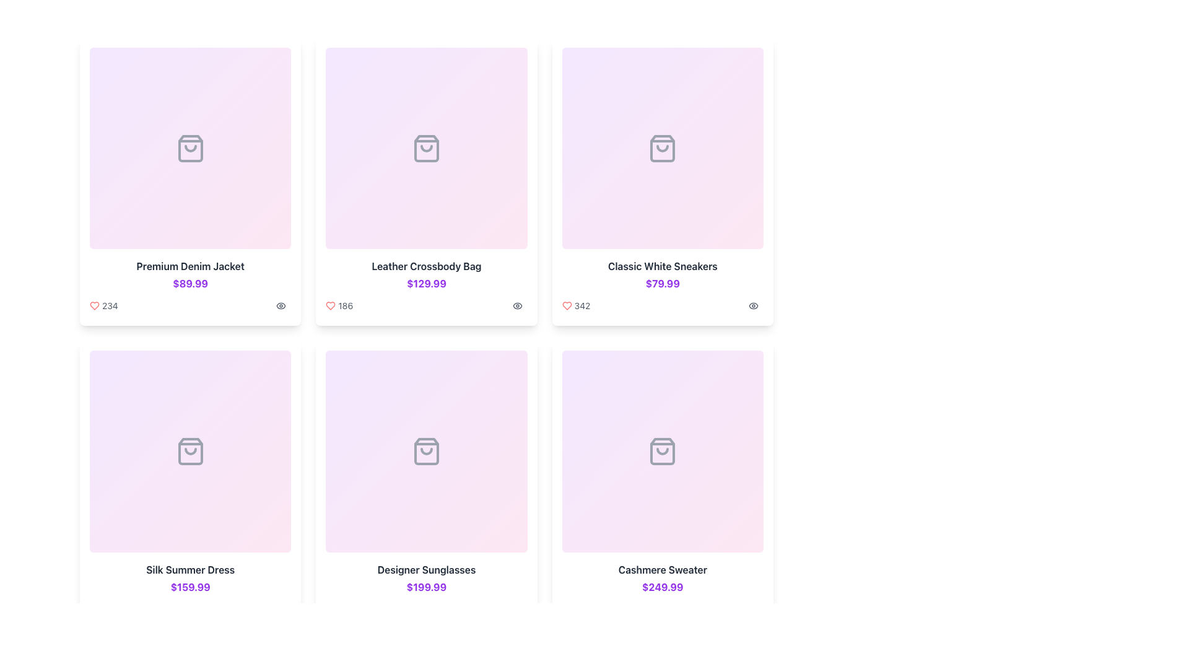  I want to click on the Placeholder image or icon with light gradient styling representing 'Classic White Sneakers', located at the top center of the card labeled 'Classic White Sneakers', so click(662, 147).